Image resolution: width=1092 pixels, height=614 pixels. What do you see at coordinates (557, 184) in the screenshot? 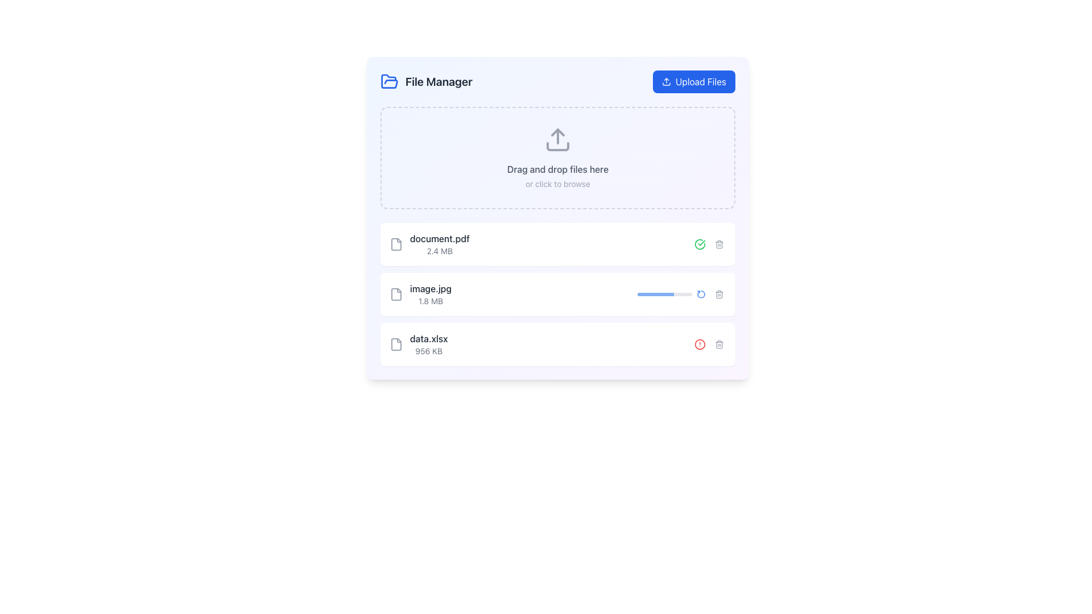
I see `the text label 'or click to browse' which is styled in gray and positioned below the larger text 'Drag and drop files here' in the upload section` at bounding box center [557, 184].